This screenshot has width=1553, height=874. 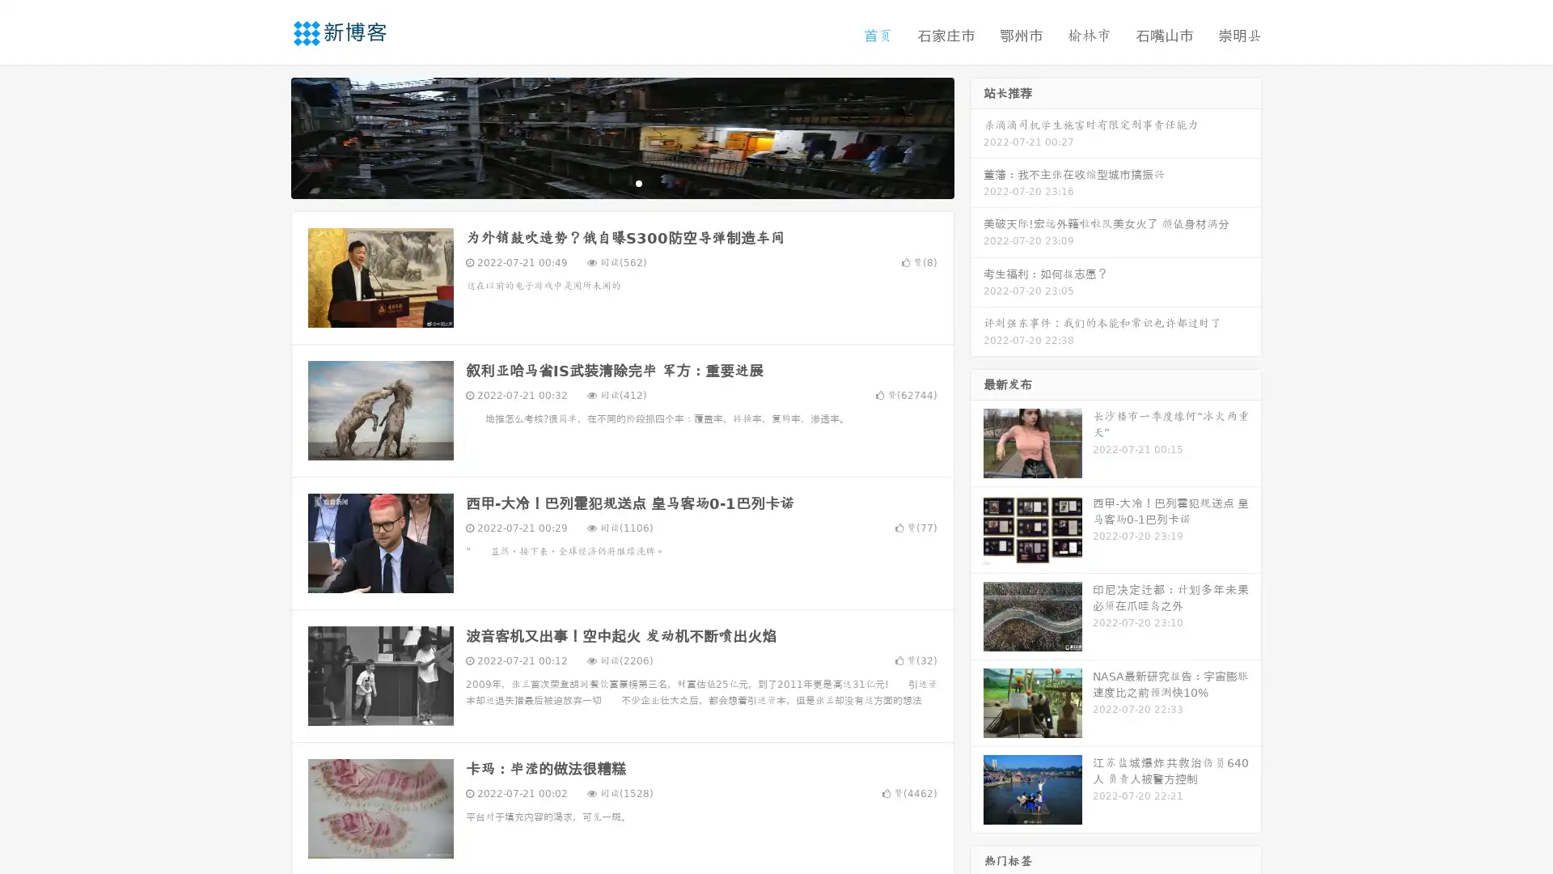 I want to click on Go to slide 1, so click(x=605, y=182).